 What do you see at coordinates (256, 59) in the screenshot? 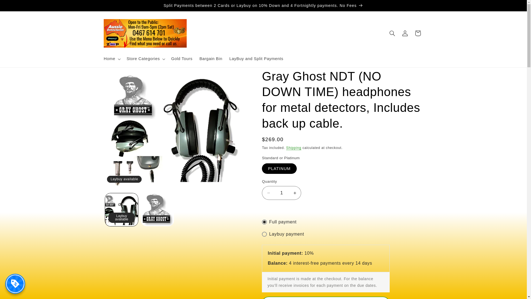
I see `'LayBuy and Split Payments'` at bounding box center [256, 59].